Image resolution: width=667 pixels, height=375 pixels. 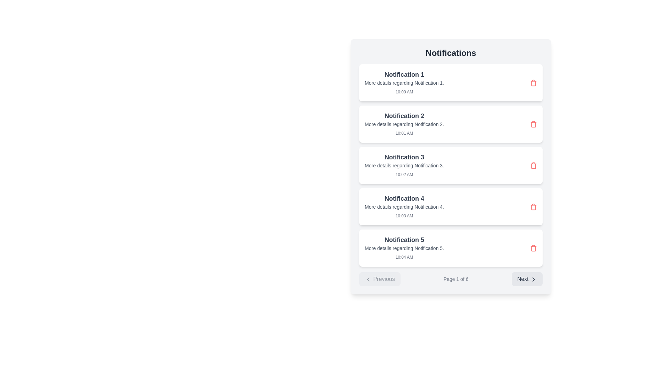 What do you see at coordinates (404, 248) in the screenshot?
I see `the static text that says 'More details regarding Notification 5.' which is located within the card labeled 'Notification 5'` at bounding box center [404, 248].